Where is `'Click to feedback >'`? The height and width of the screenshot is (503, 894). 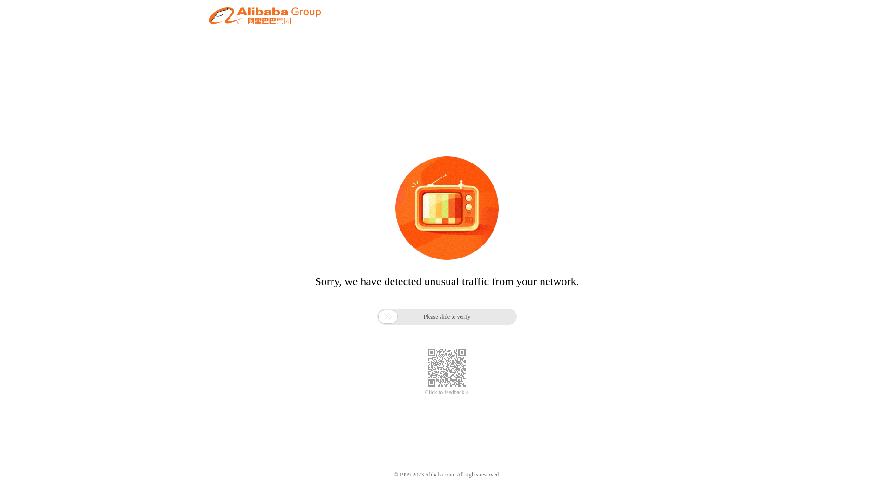 'Click to feedback >' is located at coordinates (424, 392).